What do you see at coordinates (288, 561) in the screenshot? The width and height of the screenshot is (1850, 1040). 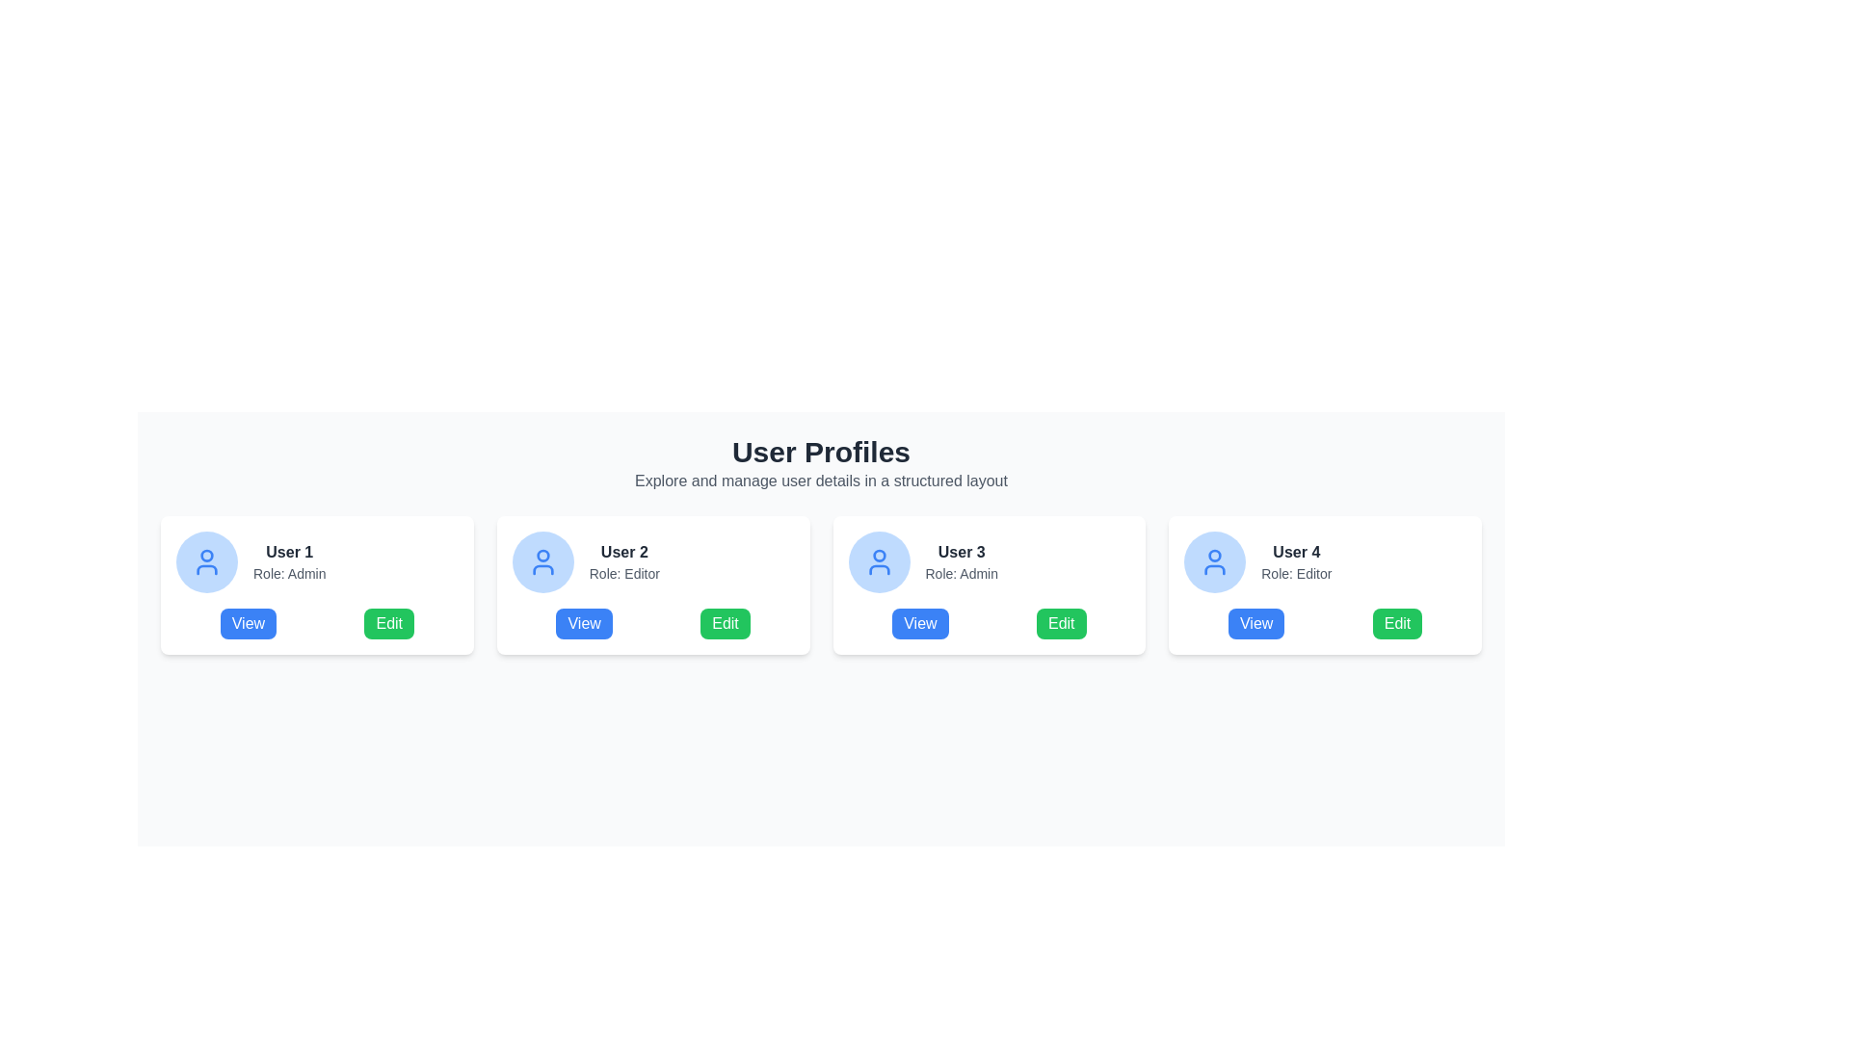 I see `text displayed in the user profile card that shows 'User 1' in bold dark gray and 'Role: Admin' in smaller lighter text` at bounding box center [288, 561].